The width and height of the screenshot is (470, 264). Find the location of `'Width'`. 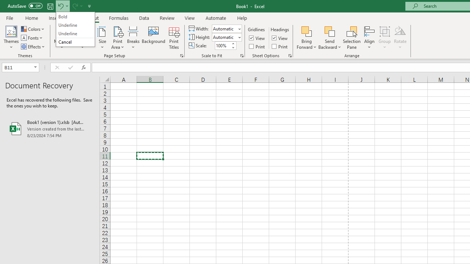

'Width' is located at coordinates (224, 28).